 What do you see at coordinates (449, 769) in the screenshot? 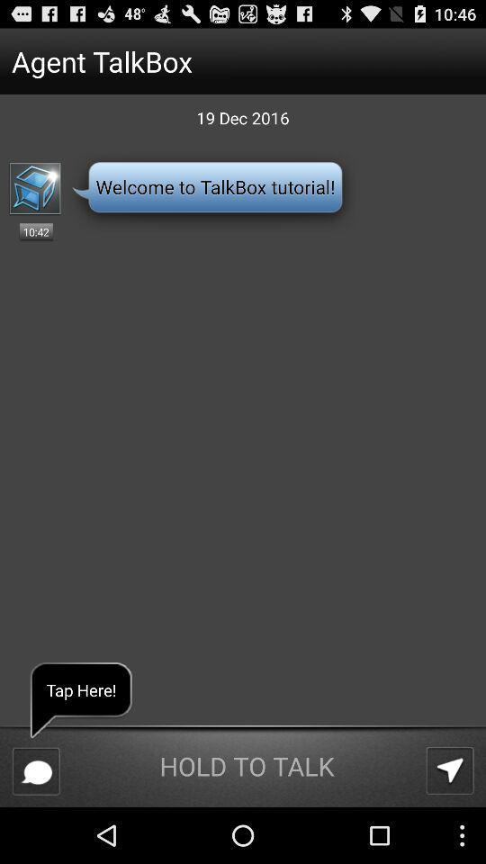
I see `the app below 19 dec 2016 item` at bounding box center [449, 769].